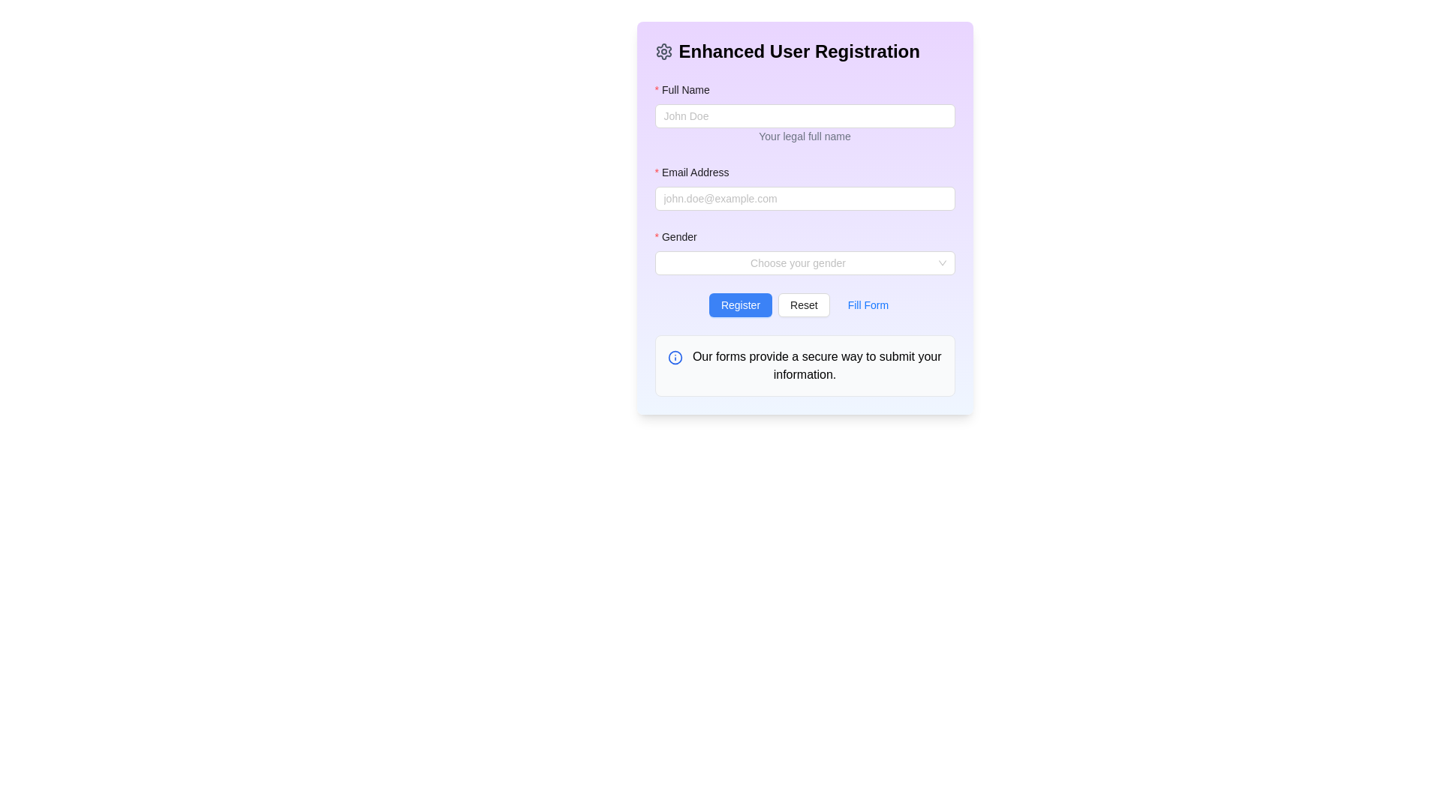 This screenshot has width=1441, height=810. Describe the element at coordinates (663, 51) in the screenshot. I see `the settings gear icon located in the top-left corner of the 'Enhanced User Registration' form header` at that location.